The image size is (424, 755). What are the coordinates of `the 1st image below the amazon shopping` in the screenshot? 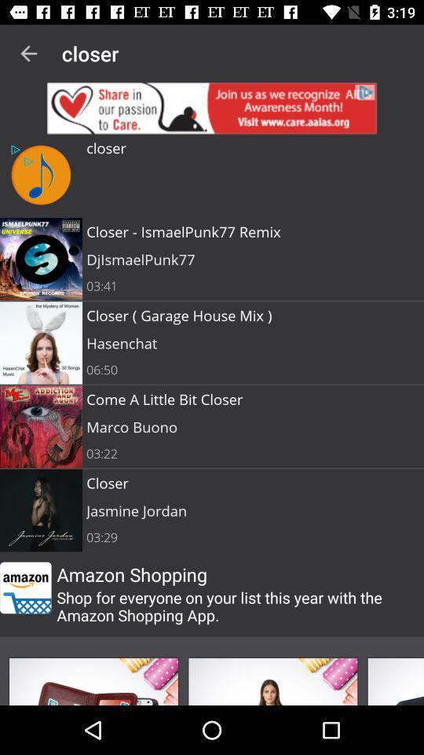 It's located at (93, 680).